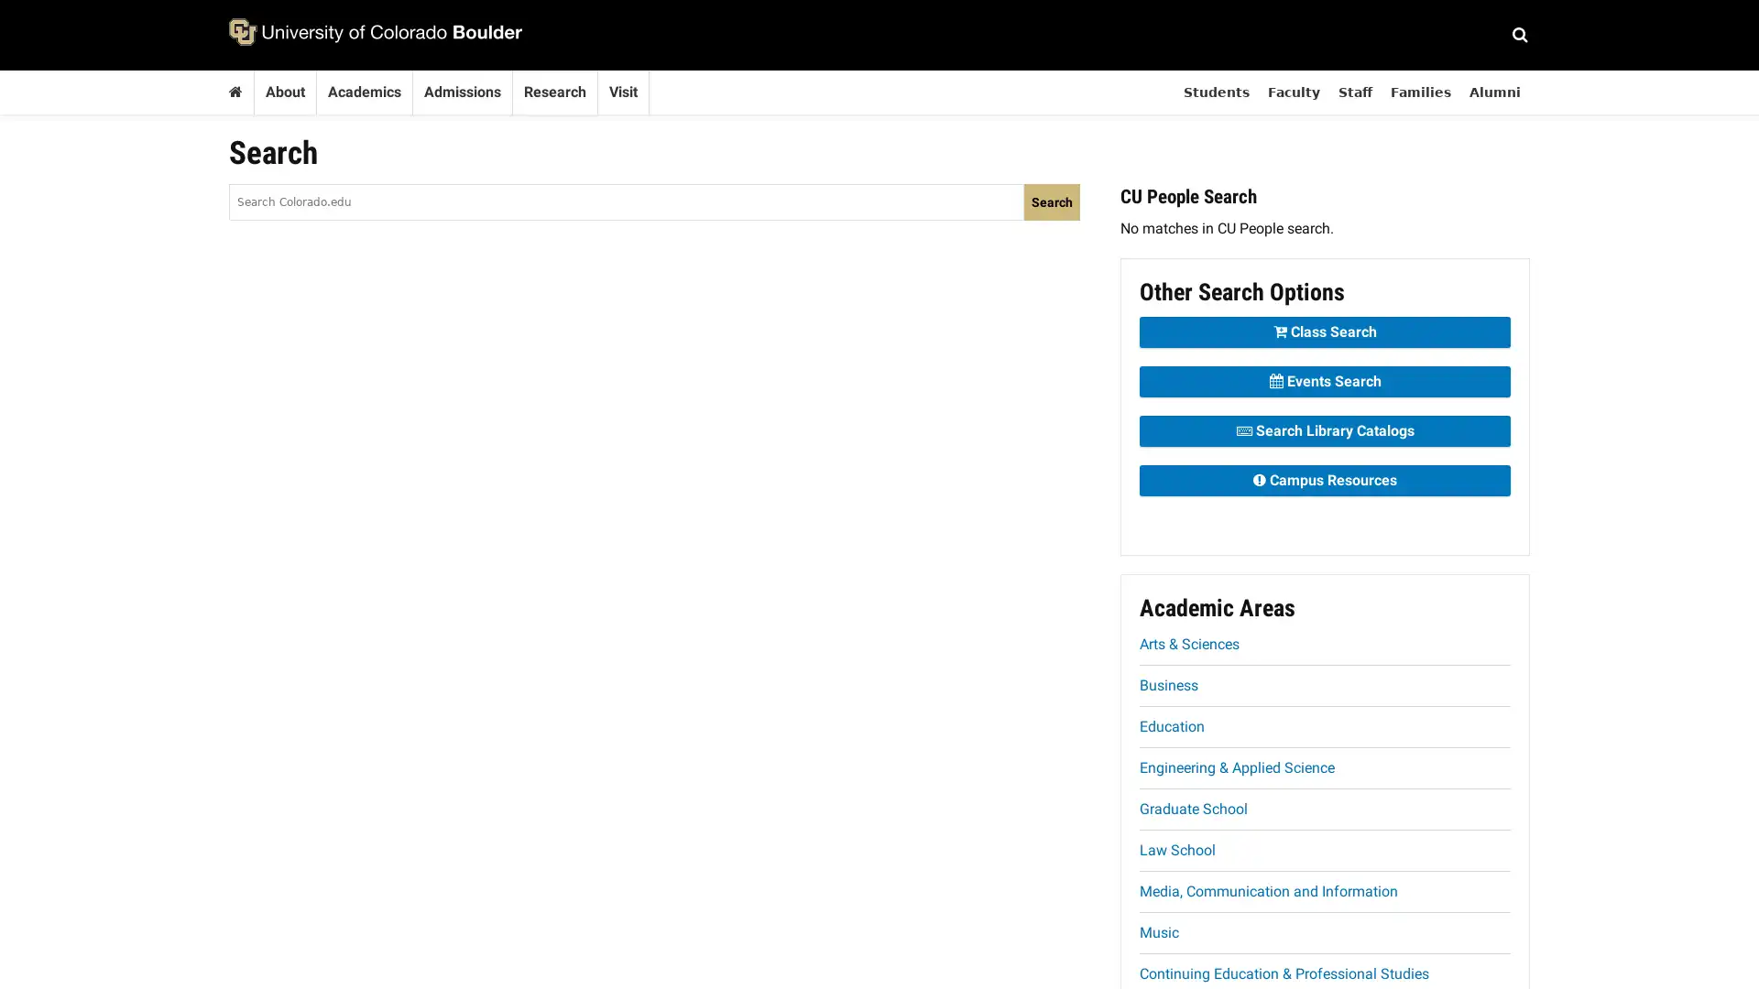 The height and width of the screenshot is (989, 1759). Describe the element at coordinates (1052, 201) in the screenshot. I see `Search` at that location.